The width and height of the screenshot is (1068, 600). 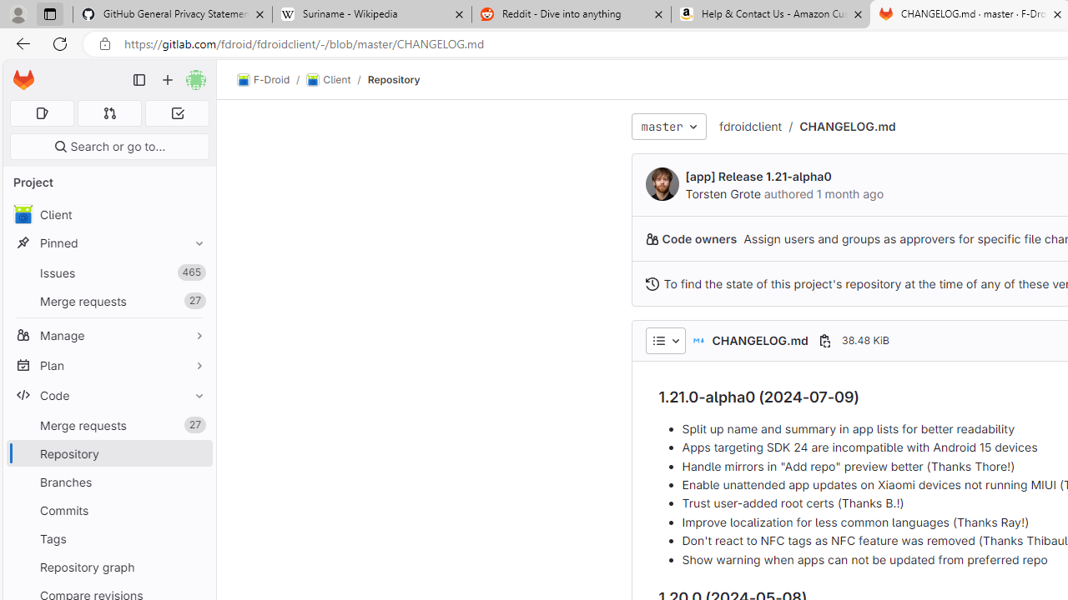 What do you see at coordinates (263, 80) in the screenshot?
I see `'F-Droid'` at bounding box center [263, 80].